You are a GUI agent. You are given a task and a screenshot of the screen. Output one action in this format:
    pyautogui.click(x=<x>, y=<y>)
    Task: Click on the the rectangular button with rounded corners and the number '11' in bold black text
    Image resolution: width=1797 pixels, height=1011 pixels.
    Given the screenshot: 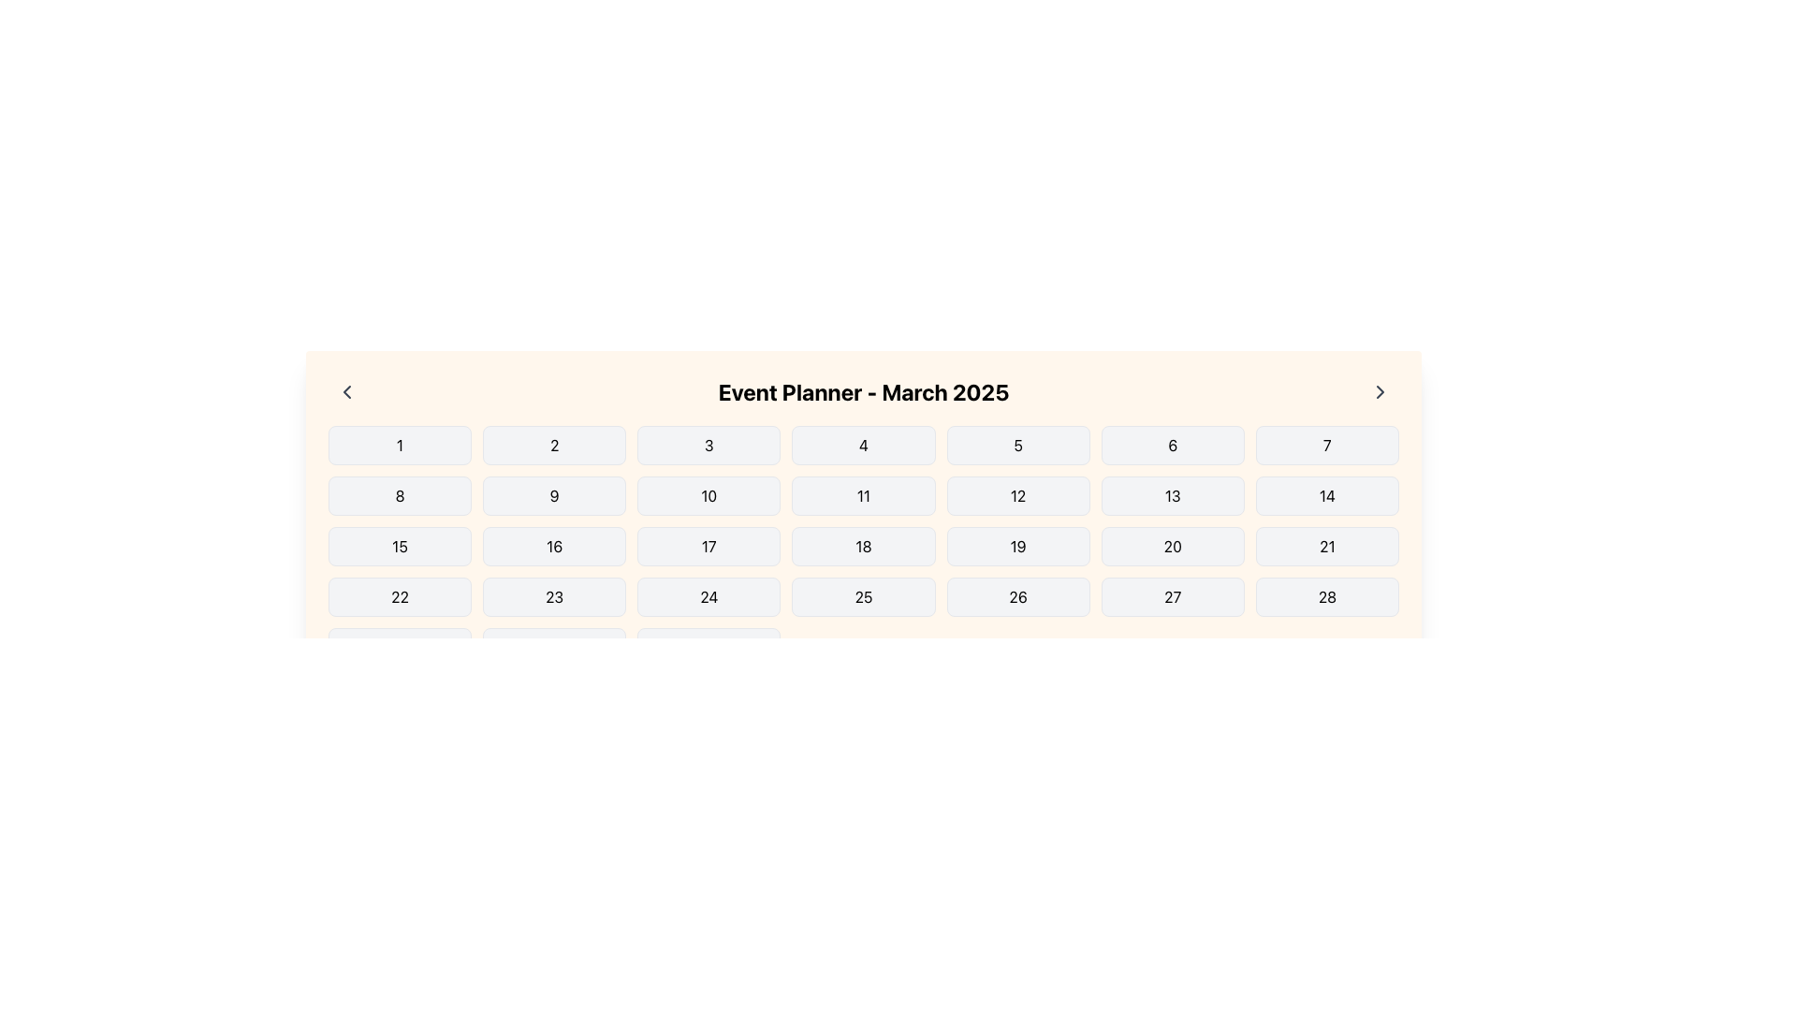 What is the action you would take?
    pyautogui.click(x=862, y=494)
    